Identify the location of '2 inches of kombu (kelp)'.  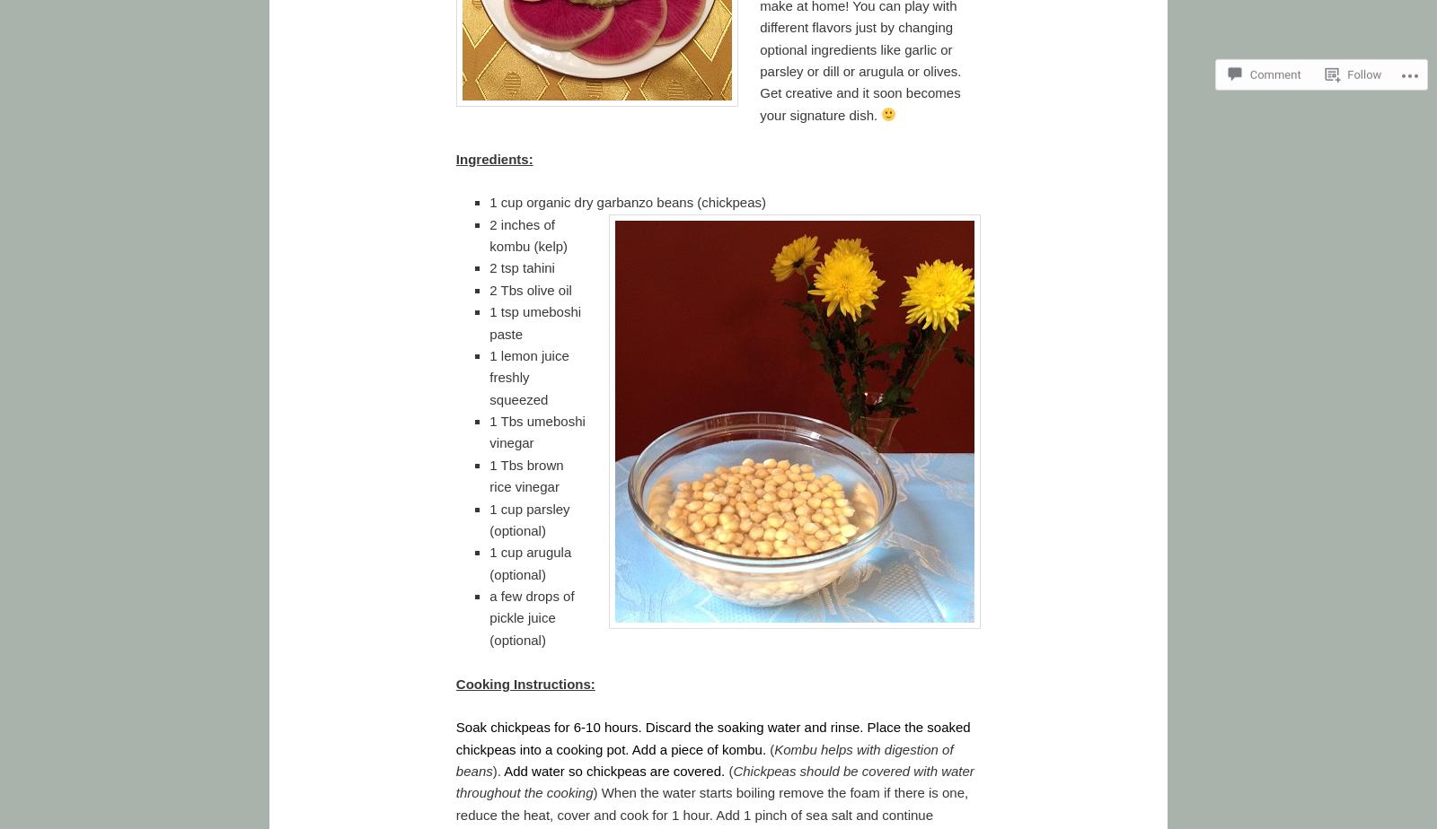
(527, 234).